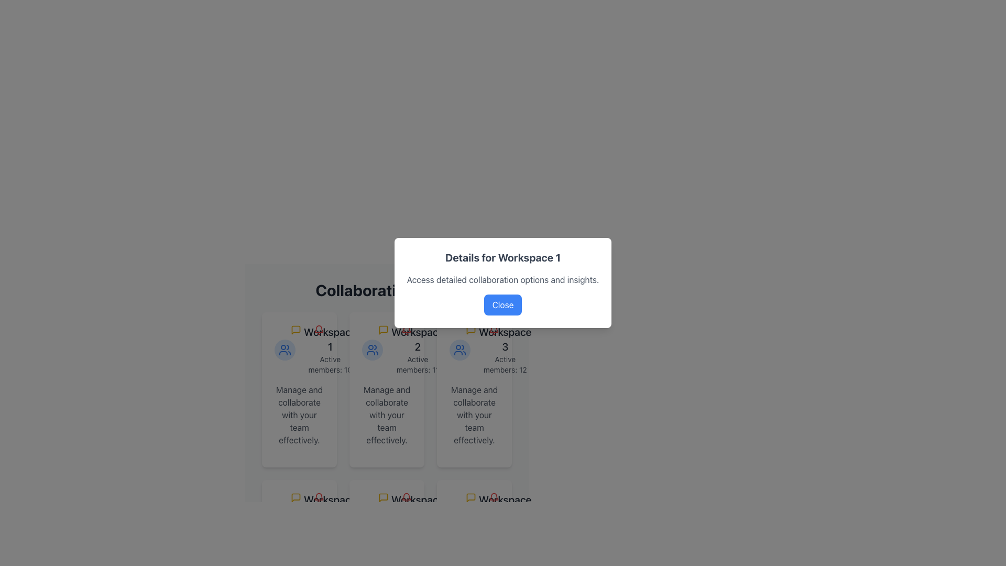  What do you see at coordinates (296, 497) in the screenshot?
I see `the messaging icon located in the bottom-left corner of the workspace card to interact with messages related to this workspace` at bounding box center [296, 497].